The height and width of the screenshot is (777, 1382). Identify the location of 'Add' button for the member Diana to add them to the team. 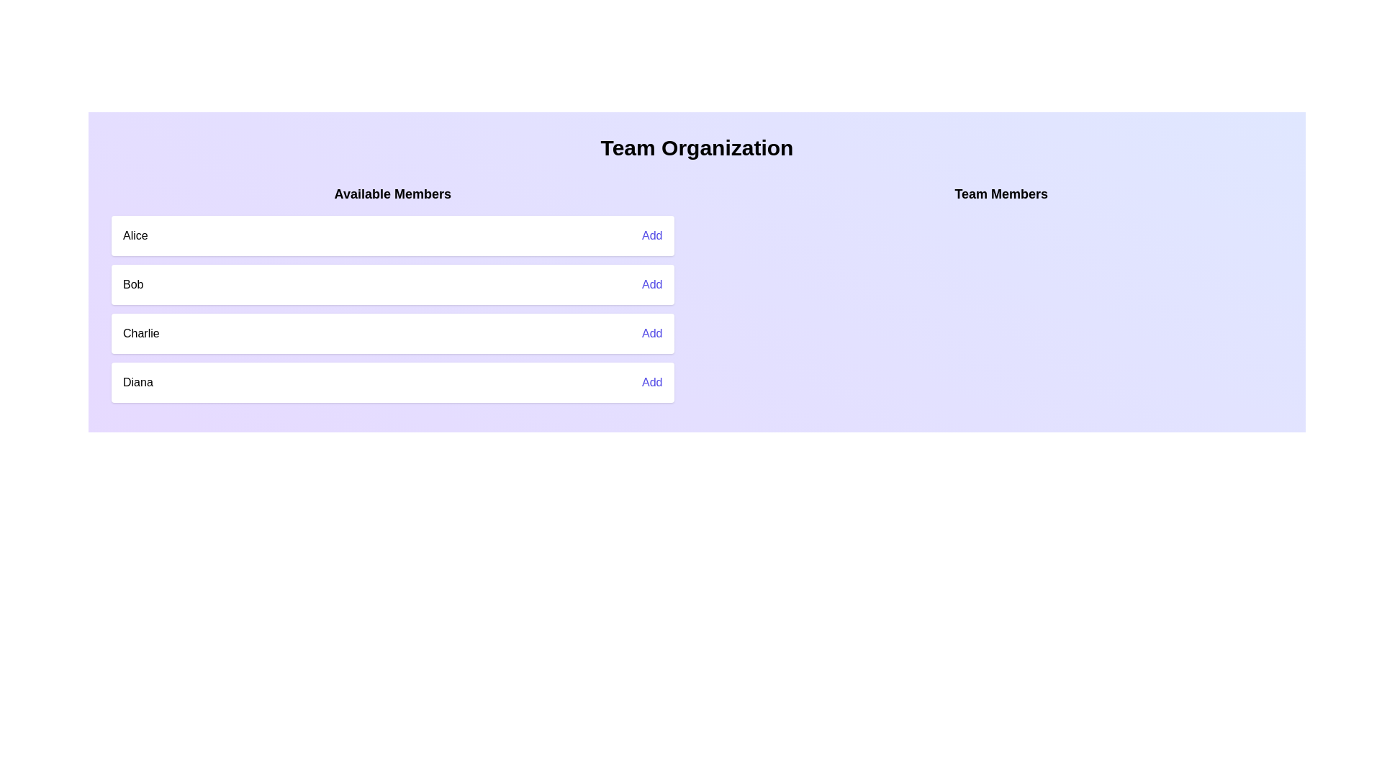
(651, 382).